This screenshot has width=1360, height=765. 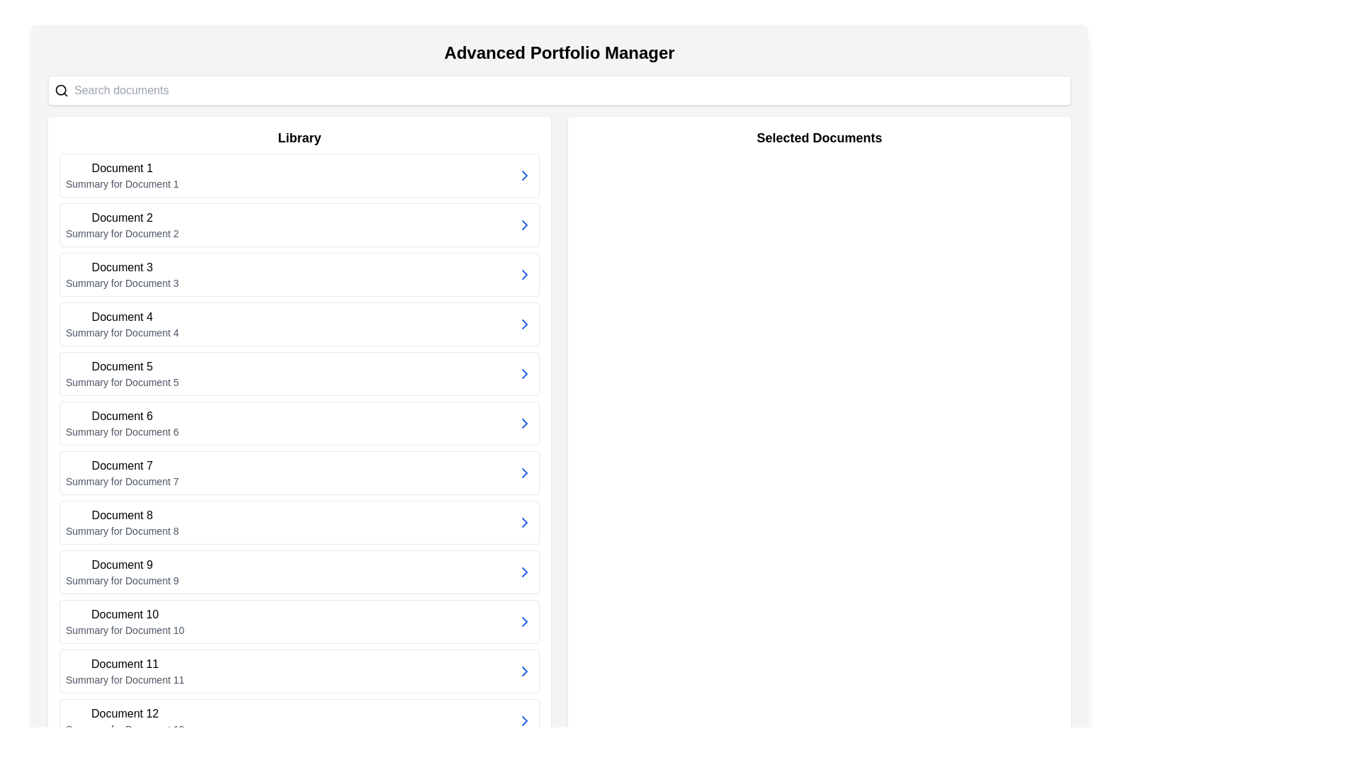 What do you see at coordinates (122, 382) in the screenshot?
I see `summary text associated with the 'Document 5' entry, located in the left-hand column under the 'Library' section` at bounding box center [122, 382].